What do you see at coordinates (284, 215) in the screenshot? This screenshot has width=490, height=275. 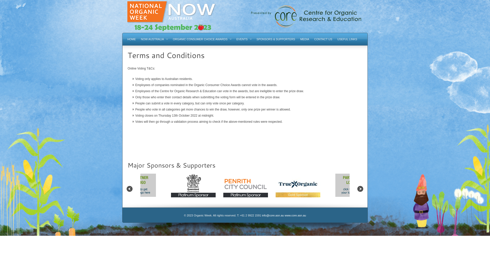 I see `'www.core.asn.au'` at bounding box center [284, 215].